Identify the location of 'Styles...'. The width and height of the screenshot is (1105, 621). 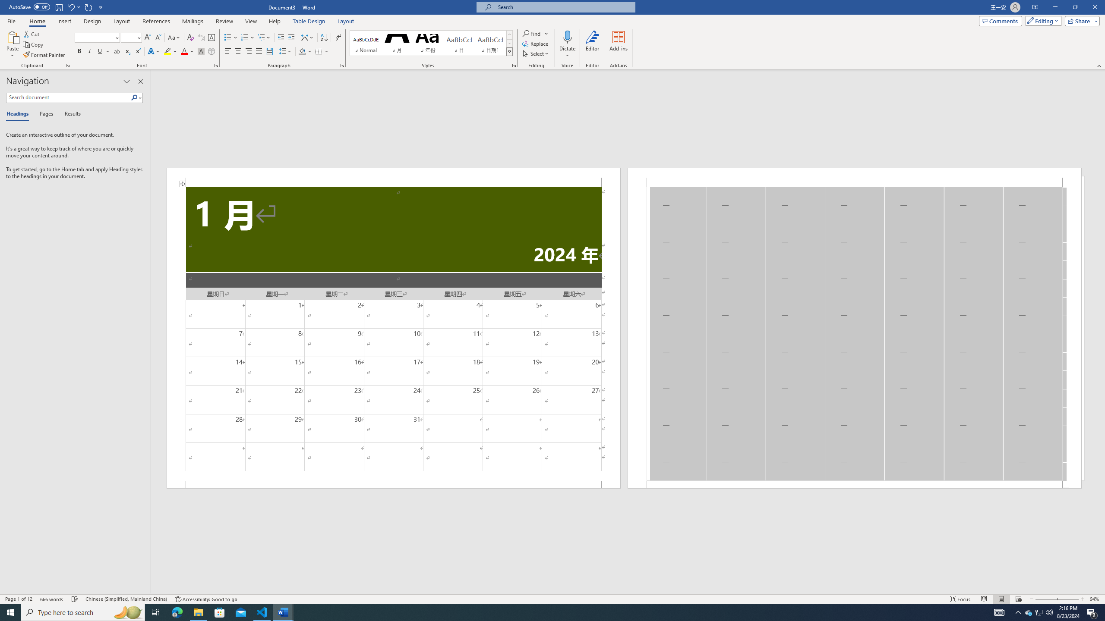
(514, 65).